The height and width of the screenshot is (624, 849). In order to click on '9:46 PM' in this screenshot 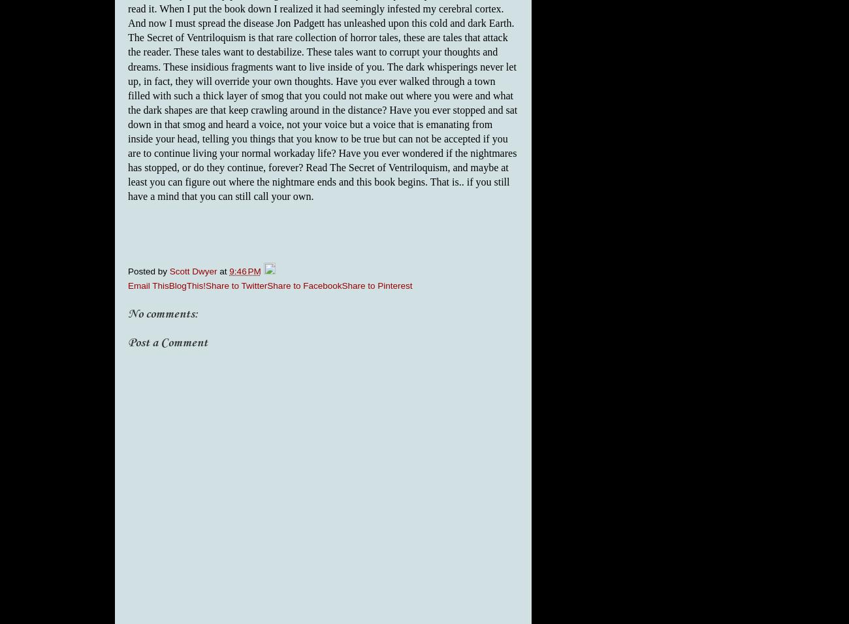, I will do `click(244, 271)`.